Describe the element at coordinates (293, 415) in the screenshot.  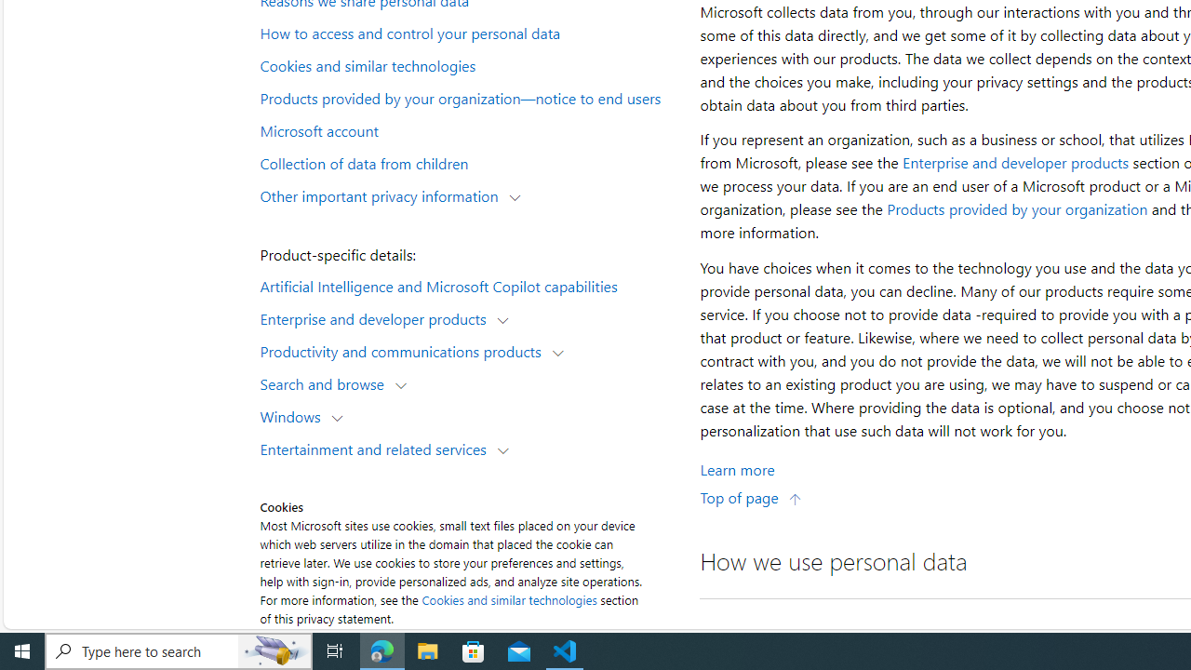
I see `'Windows'` at that location.